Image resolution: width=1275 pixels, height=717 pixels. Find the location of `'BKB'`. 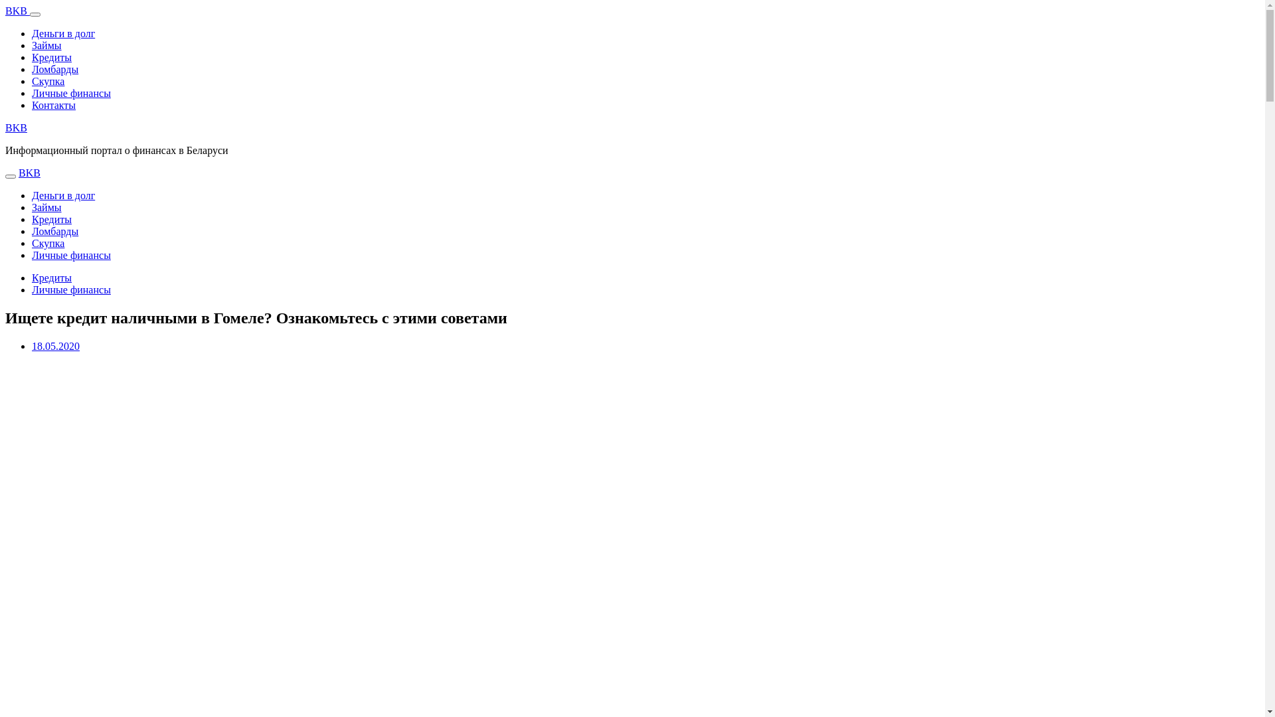

'BKB' is located at coordinates (16, 127).